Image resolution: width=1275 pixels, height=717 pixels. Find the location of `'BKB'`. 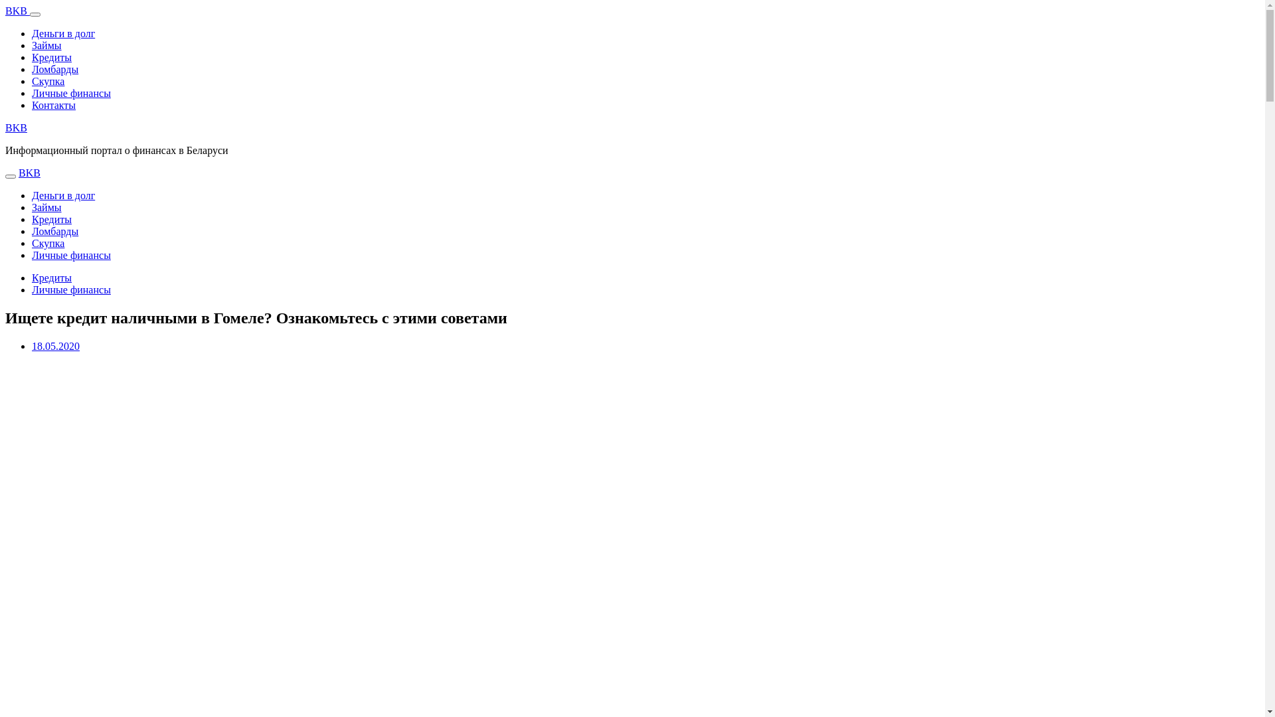

'BKB' is located at coordinates (16, 127).